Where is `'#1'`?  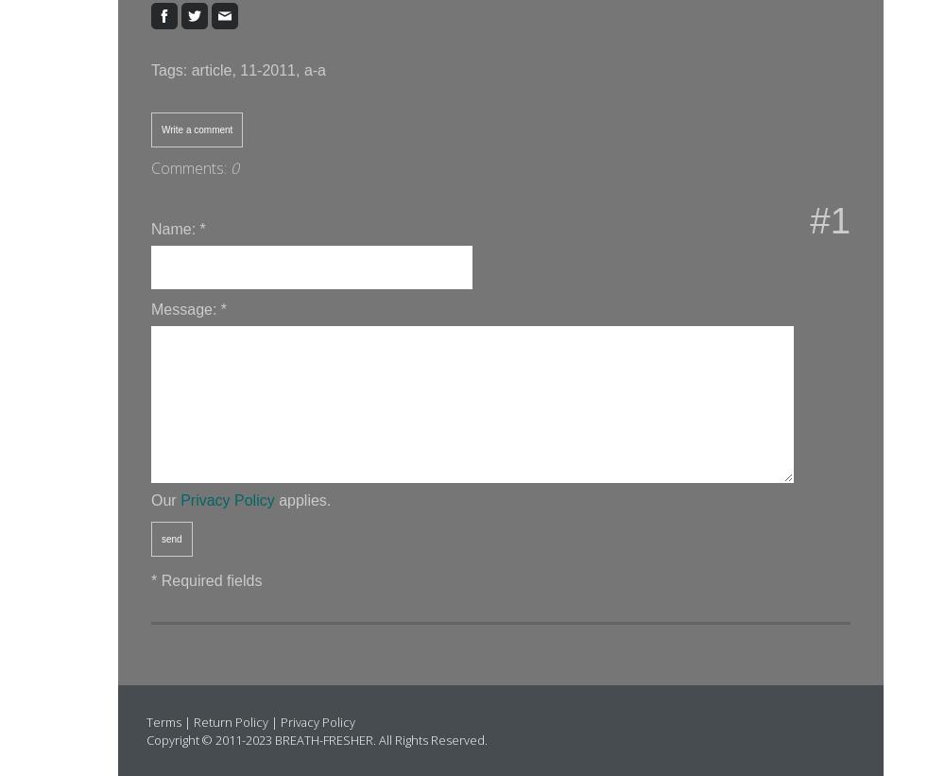 '#1' is located at coordinates (809, 220).